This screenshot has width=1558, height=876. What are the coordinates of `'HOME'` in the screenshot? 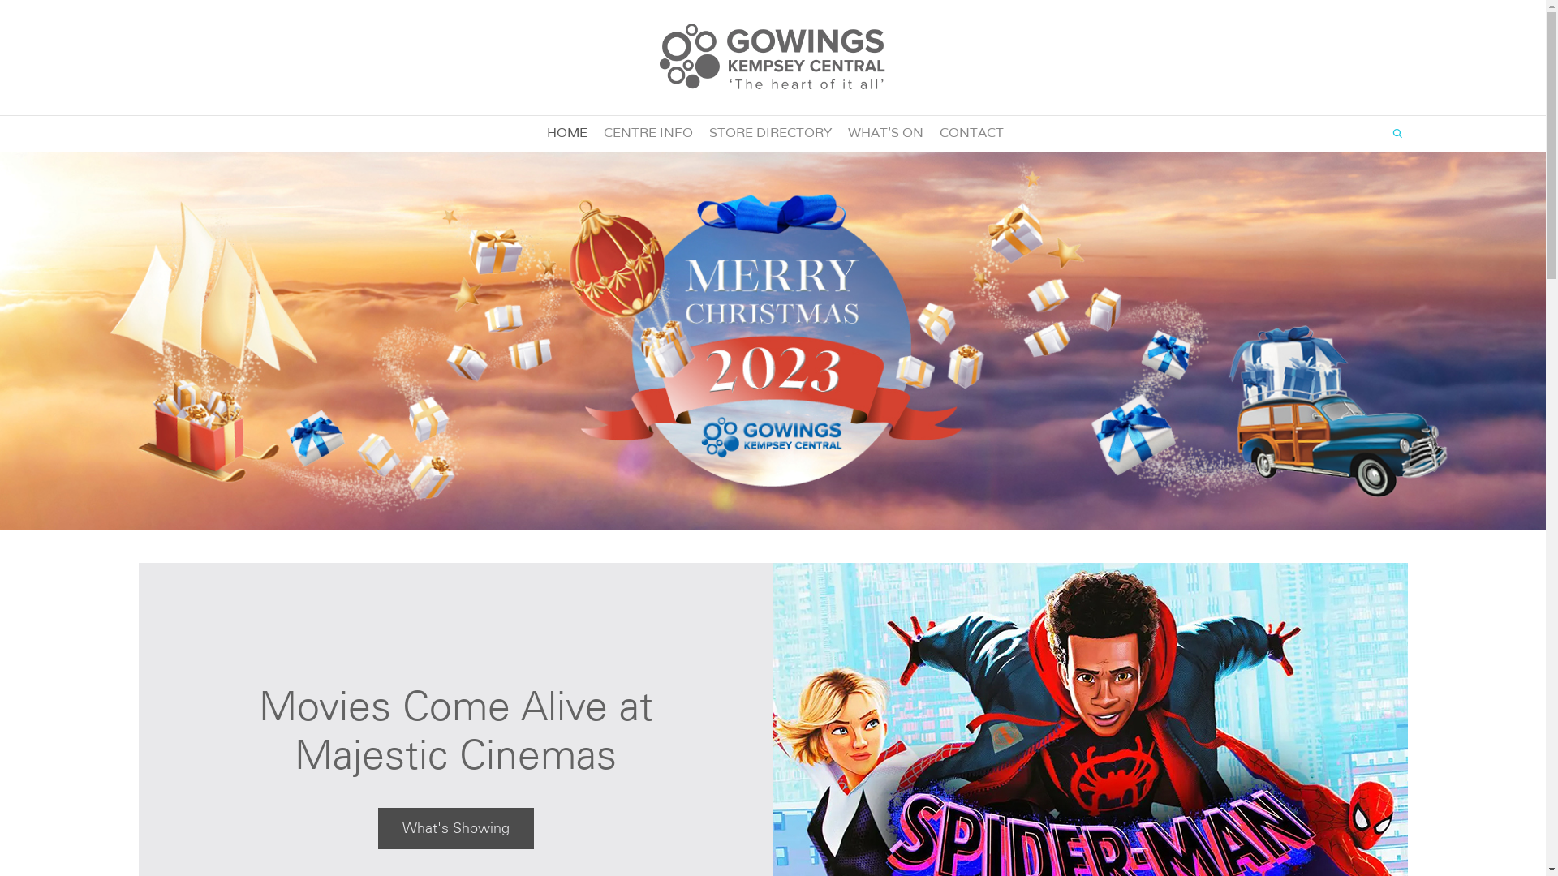 It's located at (567, 132).